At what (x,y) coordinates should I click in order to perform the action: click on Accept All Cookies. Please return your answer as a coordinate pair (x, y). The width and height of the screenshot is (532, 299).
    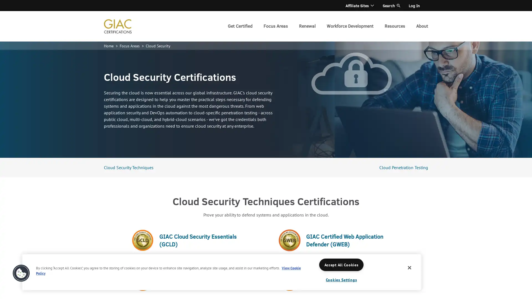
    Looking at the image, I should click on (341, 264).